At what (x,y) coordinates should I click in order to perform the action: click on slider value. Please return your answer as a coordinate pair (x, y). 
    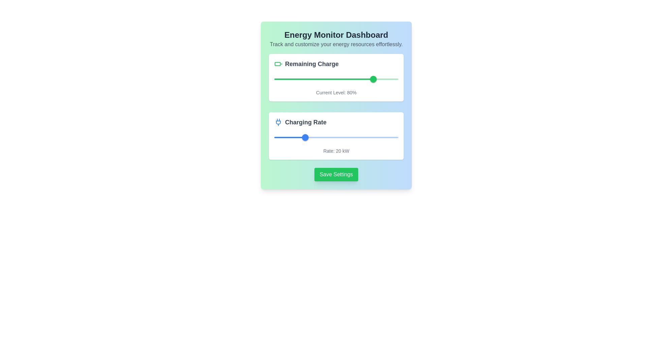
    Looking at the image, I should click on (363, 79).